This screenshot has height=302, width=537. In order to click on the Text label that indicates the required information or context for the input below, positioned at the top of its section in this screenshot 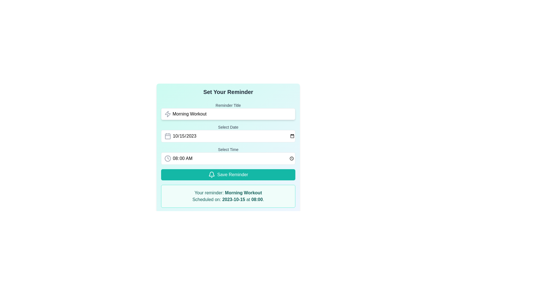, I will do `click(228, 105)`.